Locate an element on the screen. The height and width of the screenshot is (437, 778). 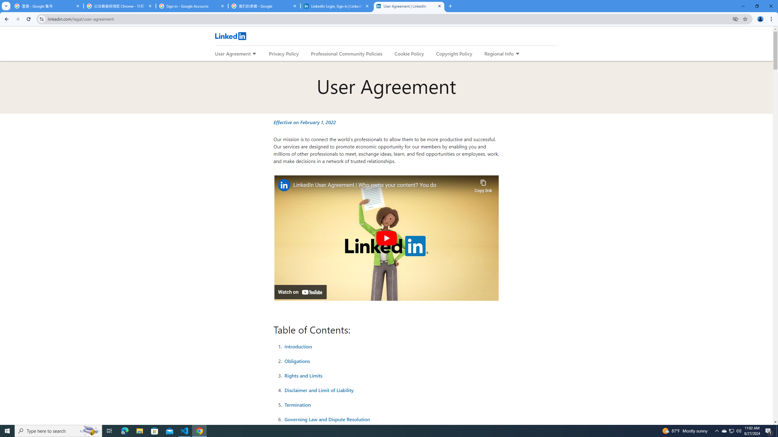
'Sign in - Google Accounts' is located at coordinates (192, 6).